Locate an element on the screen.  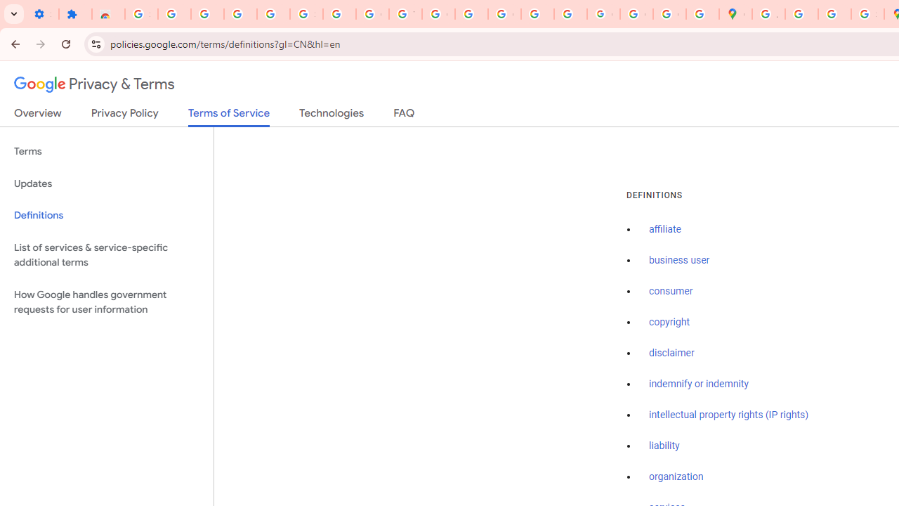
'organization' is located at coordinates (676, 476).